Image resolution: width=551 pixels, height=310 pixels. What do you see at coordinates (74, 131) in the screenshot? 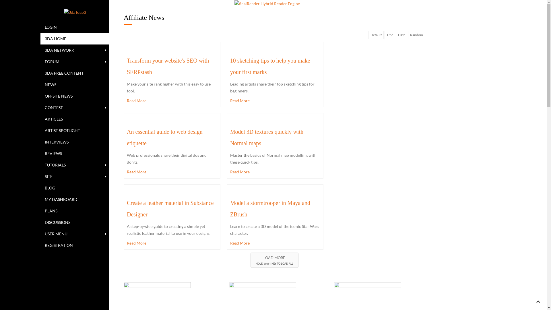
I see `'ARTIST SPOTLIGHT'` at bounding box center [74, 131].